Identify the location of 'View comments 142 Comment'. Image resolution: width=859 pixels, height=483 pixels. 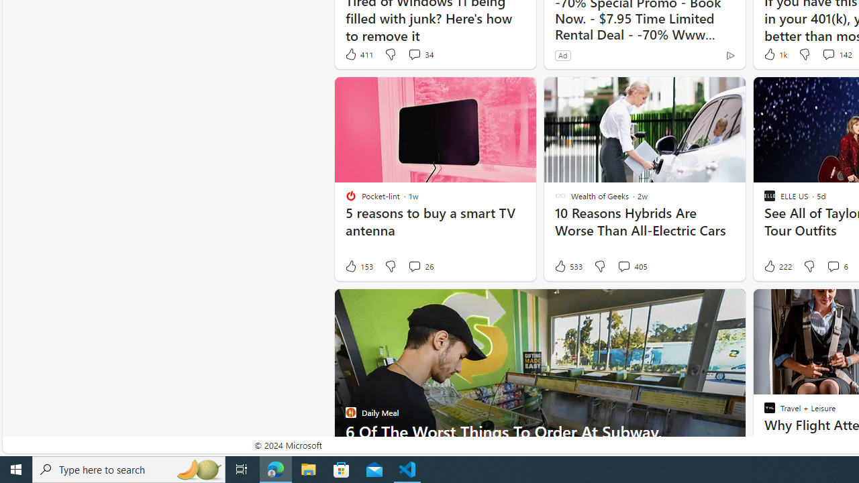
(827, 54).